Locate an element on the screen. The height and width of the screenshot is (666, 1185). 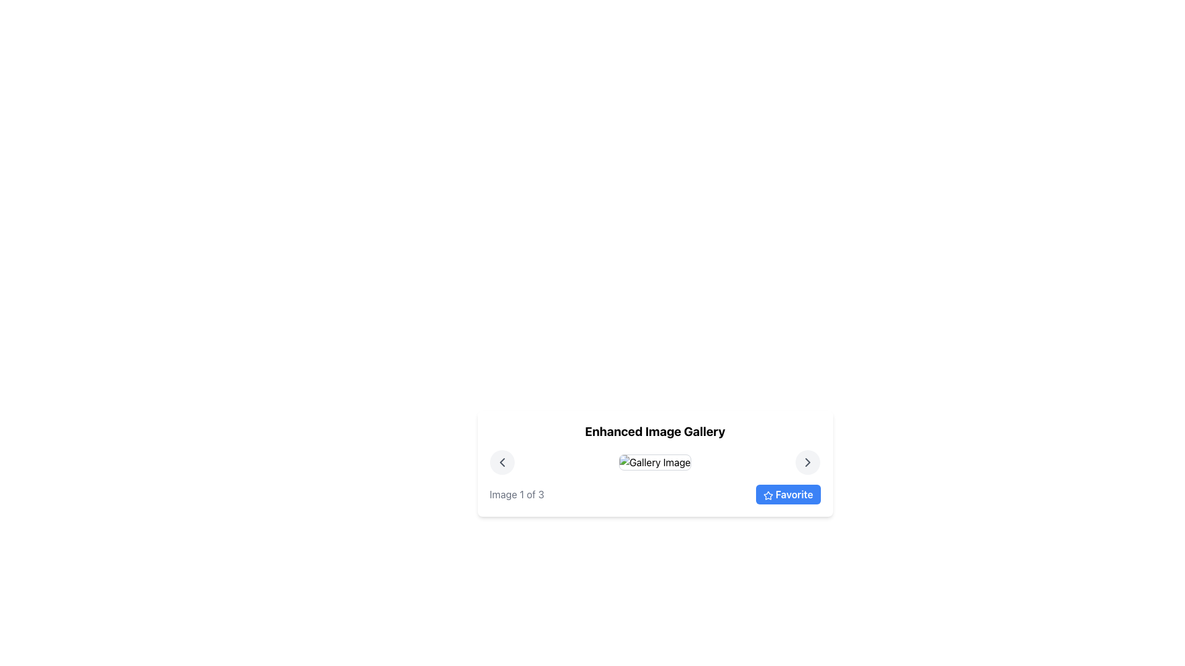
the decorative star icon embedded in the 'Favorite' button to interact with the 'Favorite' functionality is located at coordinates (767, 495).